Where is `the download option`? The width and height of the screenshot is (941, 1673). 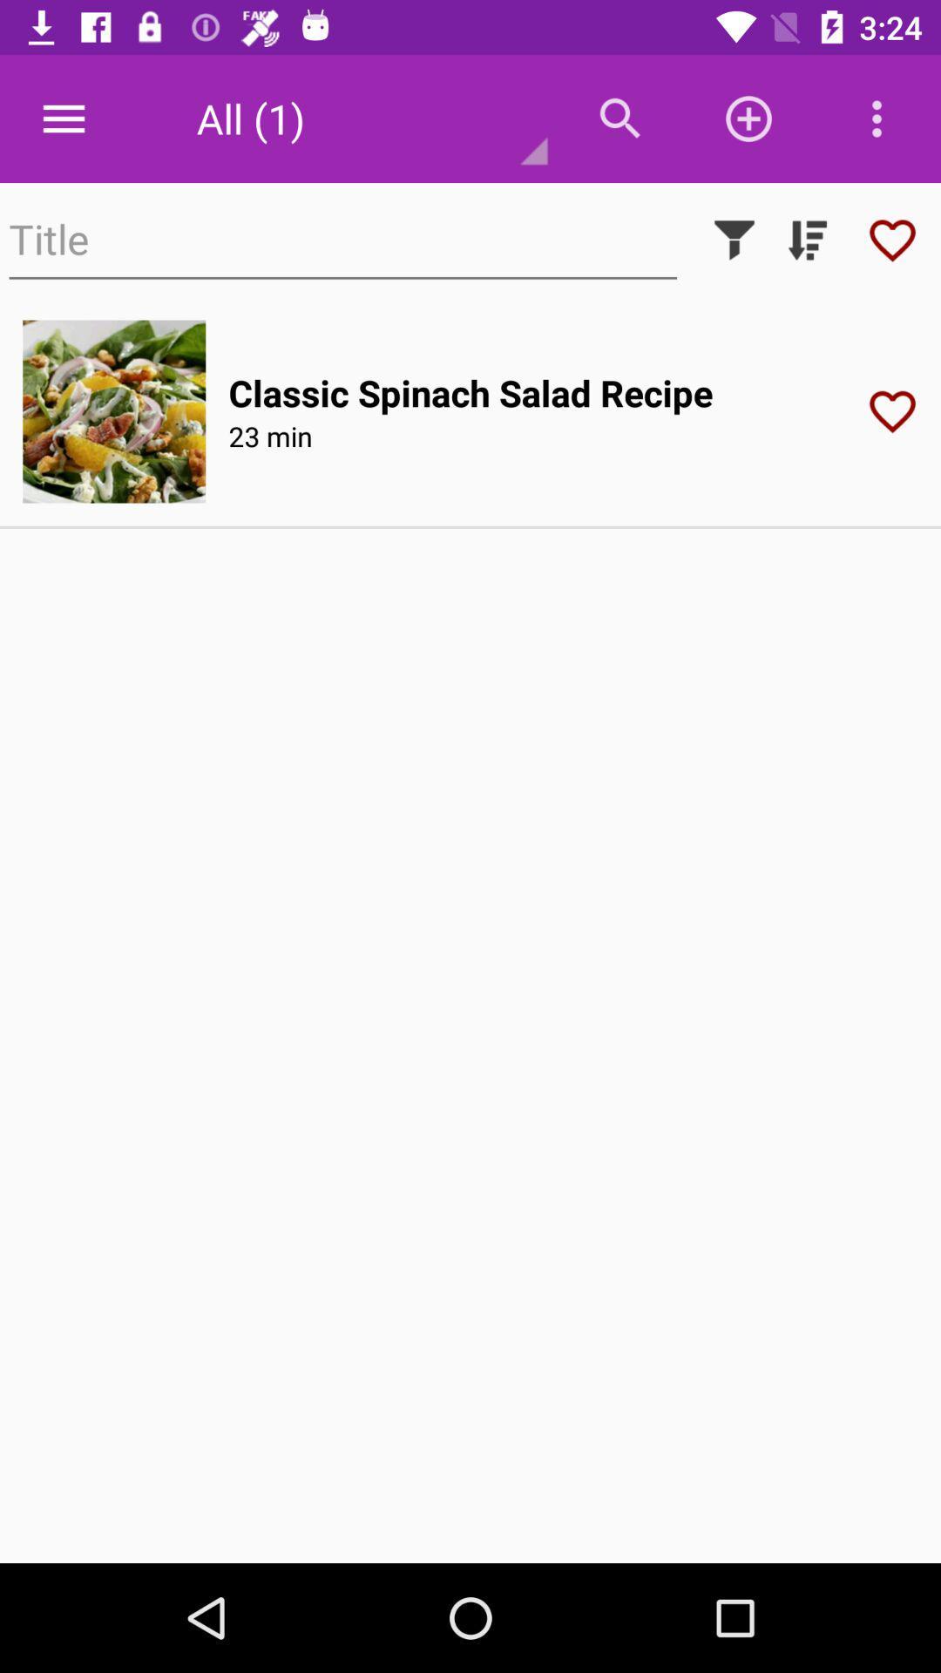 the download option is located at coordinates (807, 239).